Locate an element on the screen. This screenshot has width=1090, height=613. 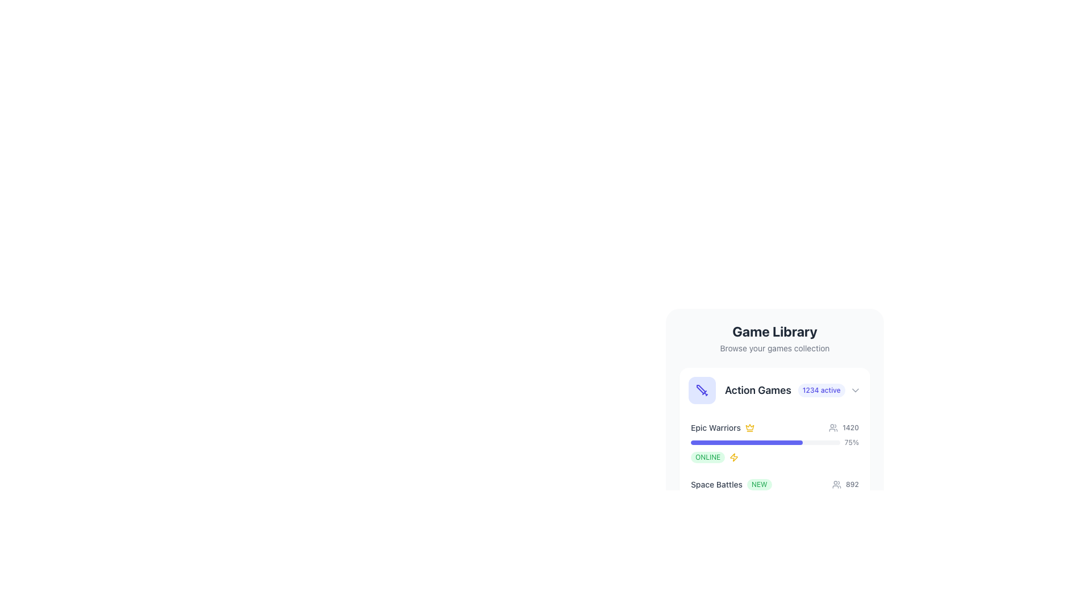
the text label displaying '75%' which is located to the right of the progress bar is located at coordinates (852, 442).